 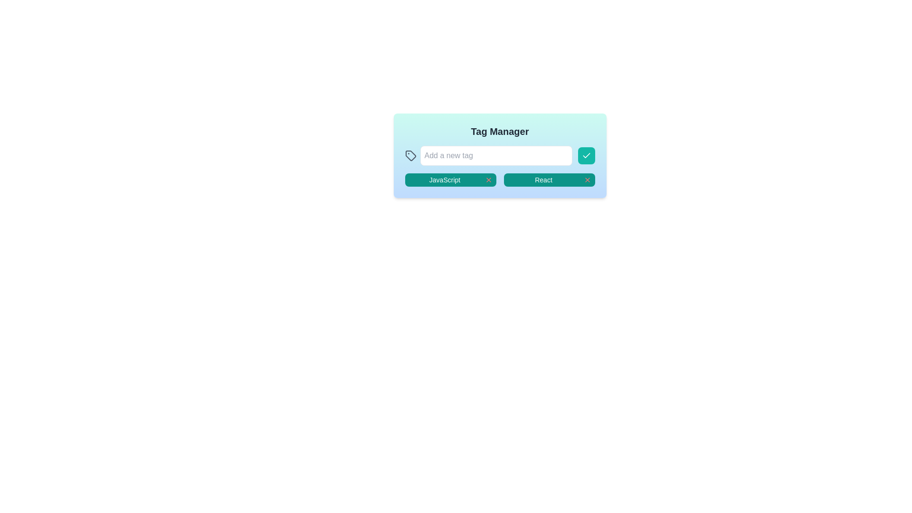 What do you see at coordinates (410, 155) in the screenshot?
I see `the stylized tag icon located to the left of the 'Add a new tag' input field in the 'Tag Manager' interface` at bounding box center [410, 155].